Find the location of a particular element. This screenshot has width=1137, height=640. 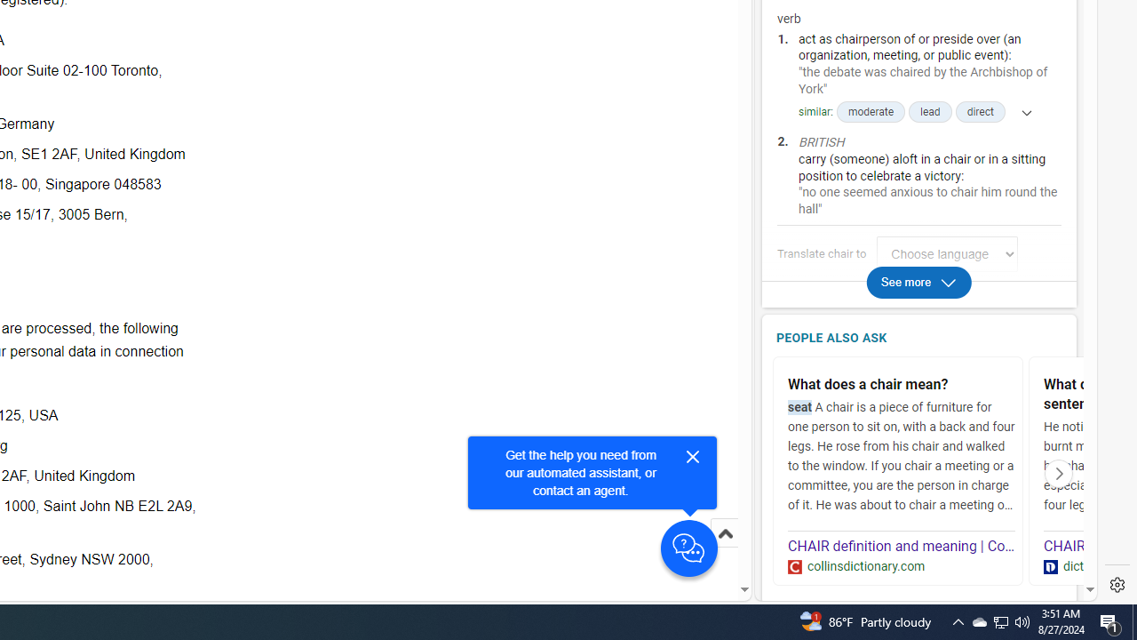

'direct' is located at coordinates (979, 112).